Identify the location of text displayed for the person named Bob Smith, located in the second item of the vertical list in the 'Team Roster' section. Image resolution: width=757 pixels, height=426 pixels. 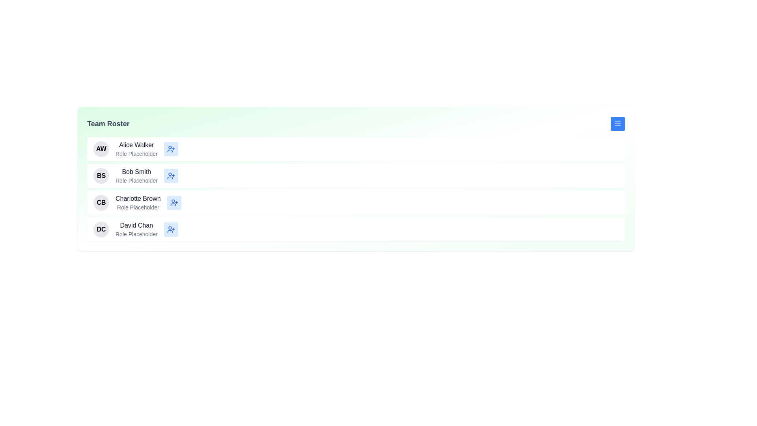
(136, 176).